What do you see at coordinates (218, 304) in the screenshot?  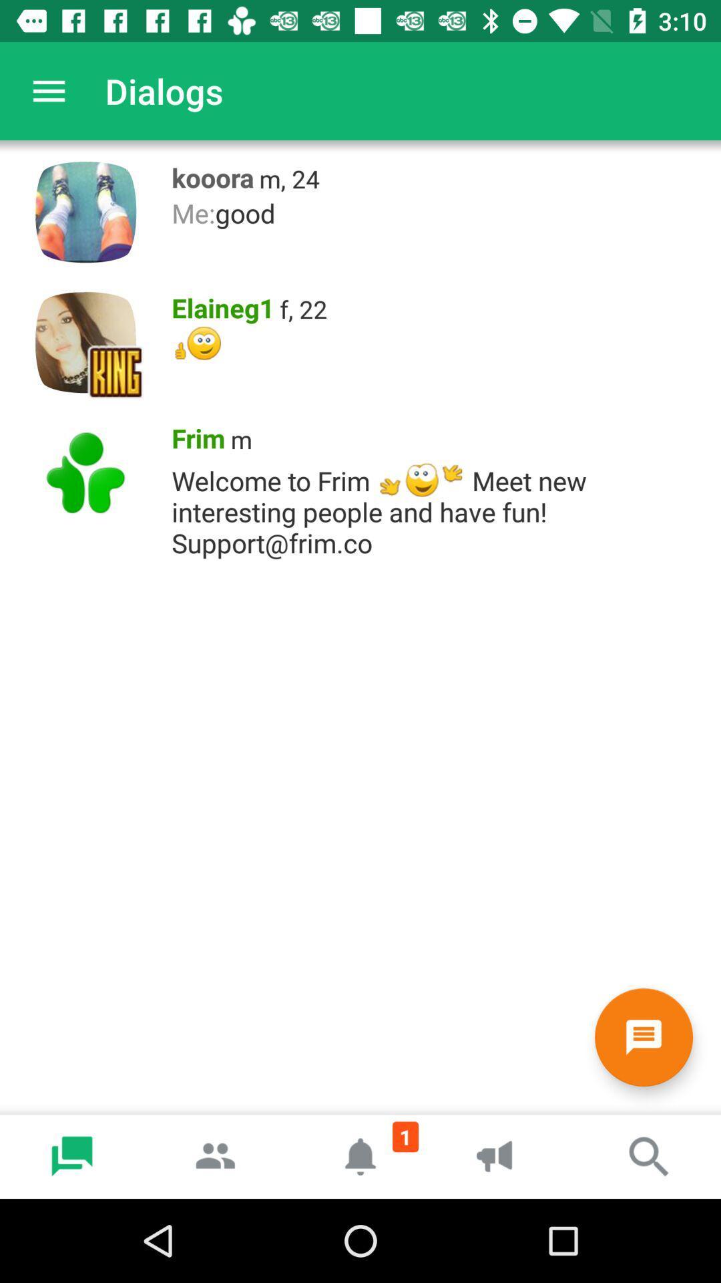 I see `icon above the *t*` at bounding box center [218, 304].